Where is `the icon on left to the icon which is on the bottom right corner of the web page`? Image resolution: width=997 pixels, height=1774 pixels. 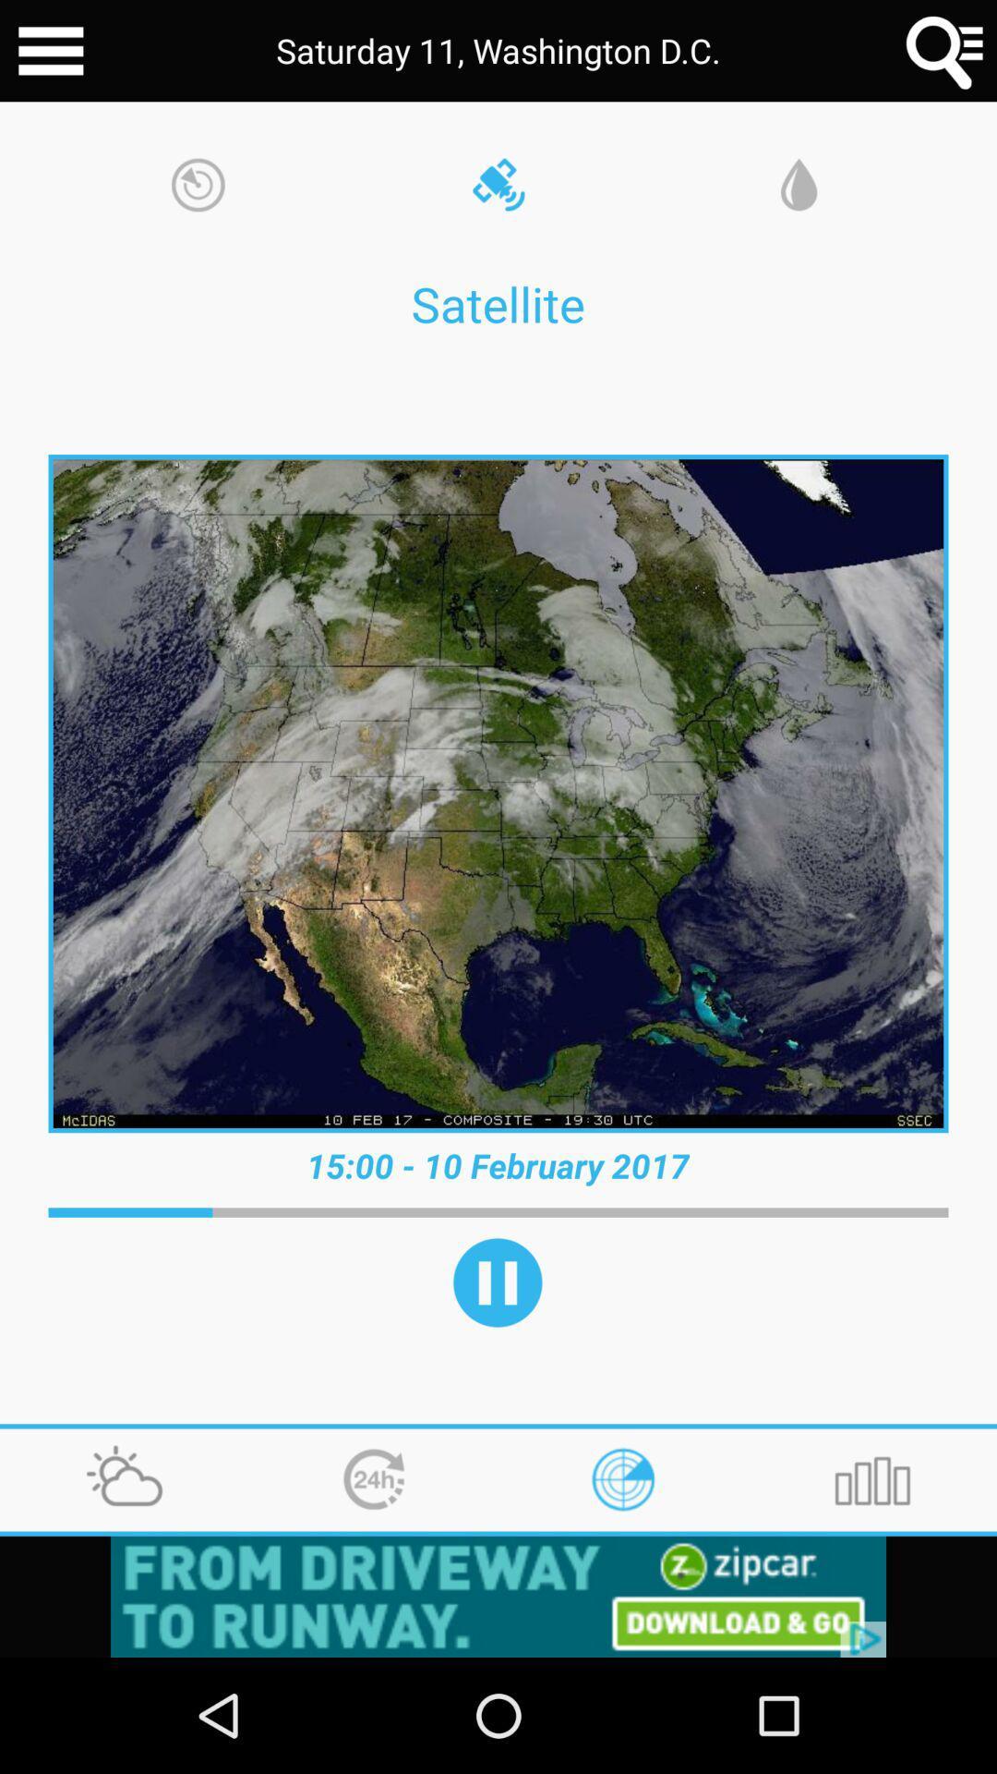
the icon on left to the icon which is on the bottom right corner of the web page is located at coordinates (623, 1480).